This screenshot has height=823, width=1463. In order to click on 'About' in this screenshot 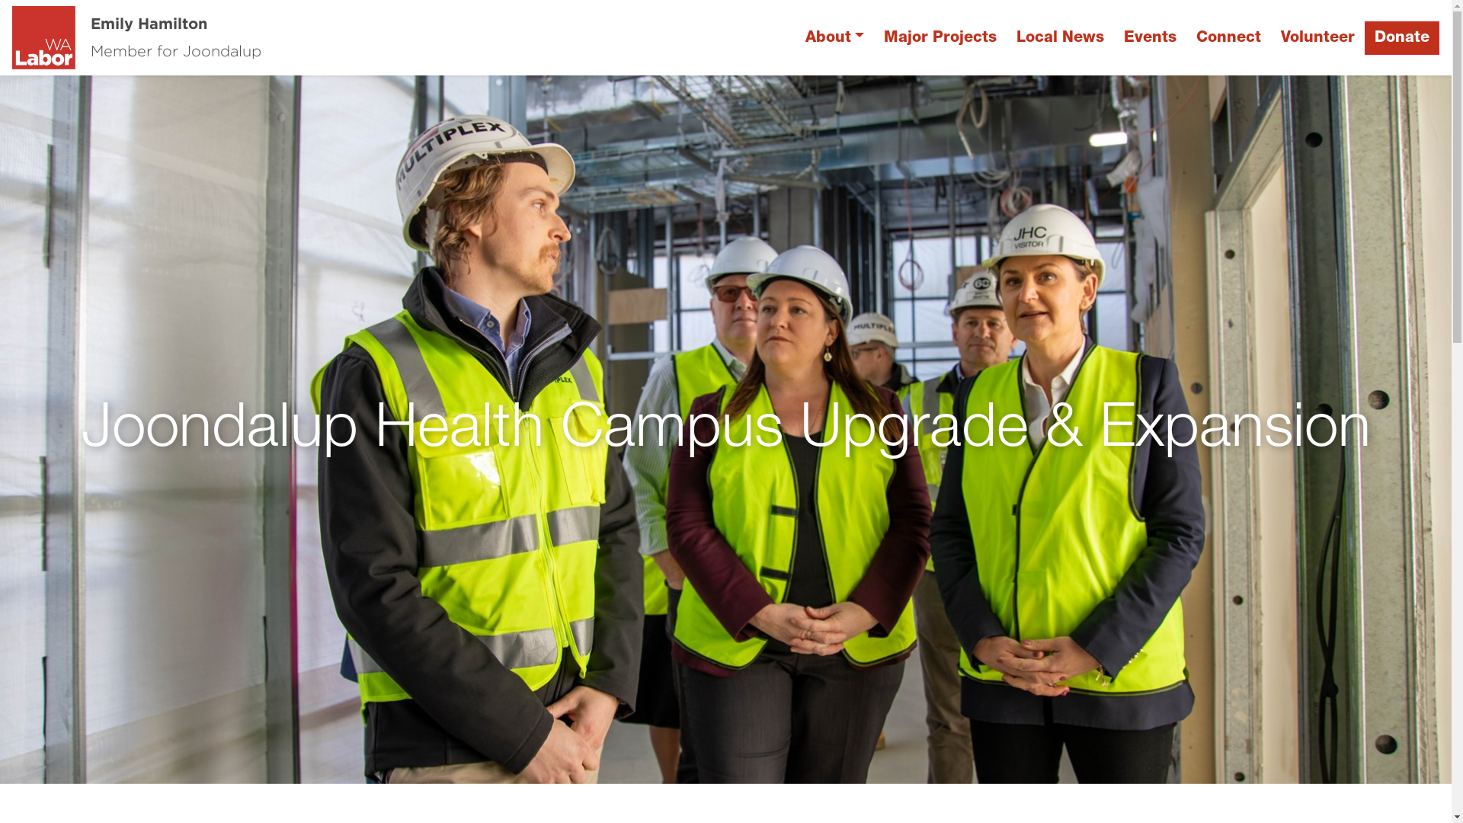, I will do `click(834, 37)`.